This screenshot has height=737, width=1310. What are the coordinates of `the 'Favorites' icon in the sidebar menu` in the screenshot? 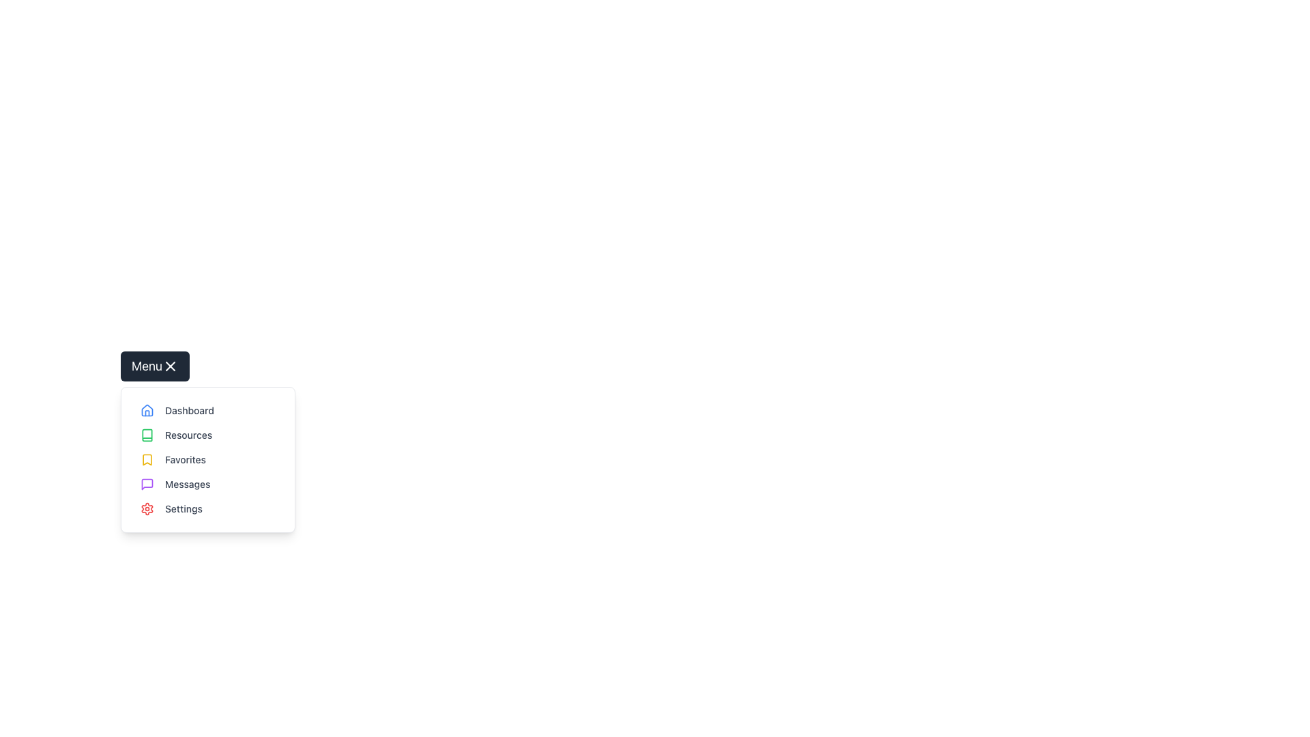 It's located at (147, 460).